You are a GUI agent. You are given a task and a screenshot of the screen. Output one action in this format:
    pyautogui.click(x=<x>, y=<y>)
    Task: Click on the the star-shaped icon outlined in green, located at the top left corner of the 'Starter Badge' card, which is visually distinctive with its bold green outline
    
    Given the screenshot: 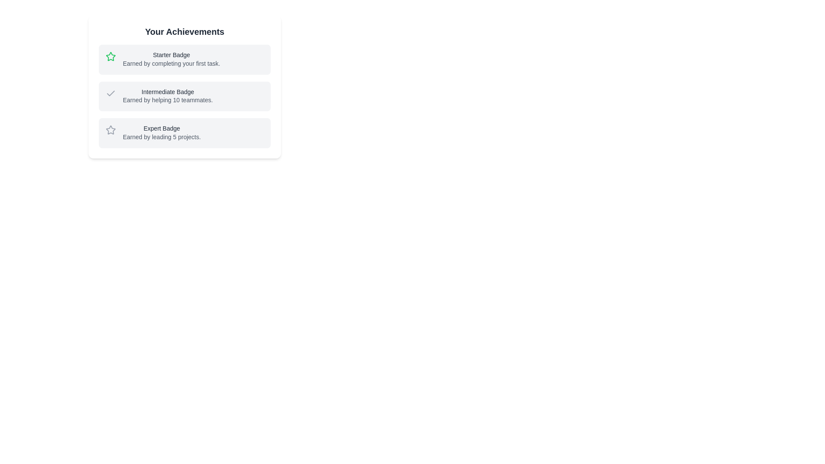 What is the action you would take?
    pyautogui.click(x=110, y=56)
    